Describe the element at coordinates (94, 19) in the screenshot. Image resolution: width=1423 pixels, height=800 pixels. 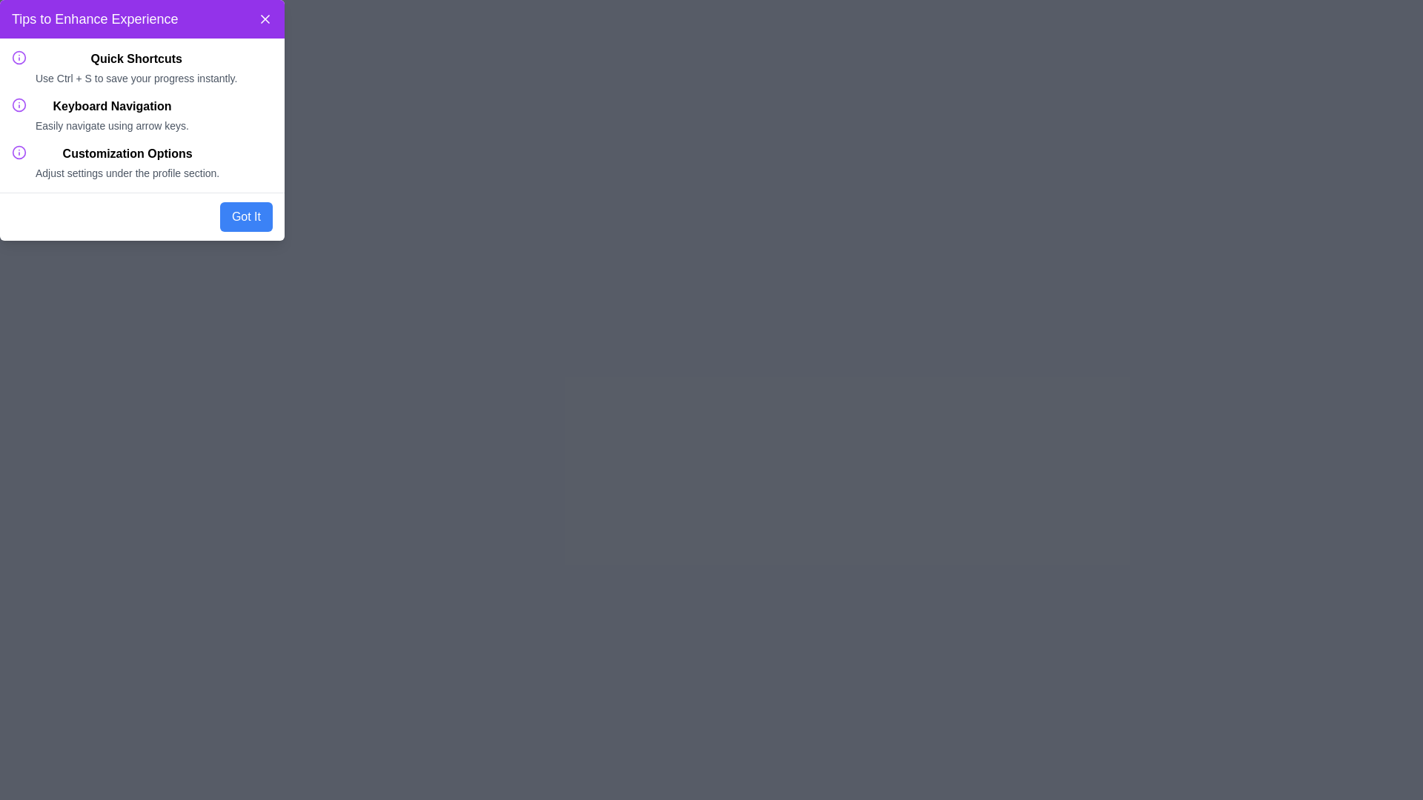
I see `text label that is bold, medium-sized, white font against a purple background, displaying 'Tips to Enhance Experience', located at the top left of the header in a modal window` at that location.